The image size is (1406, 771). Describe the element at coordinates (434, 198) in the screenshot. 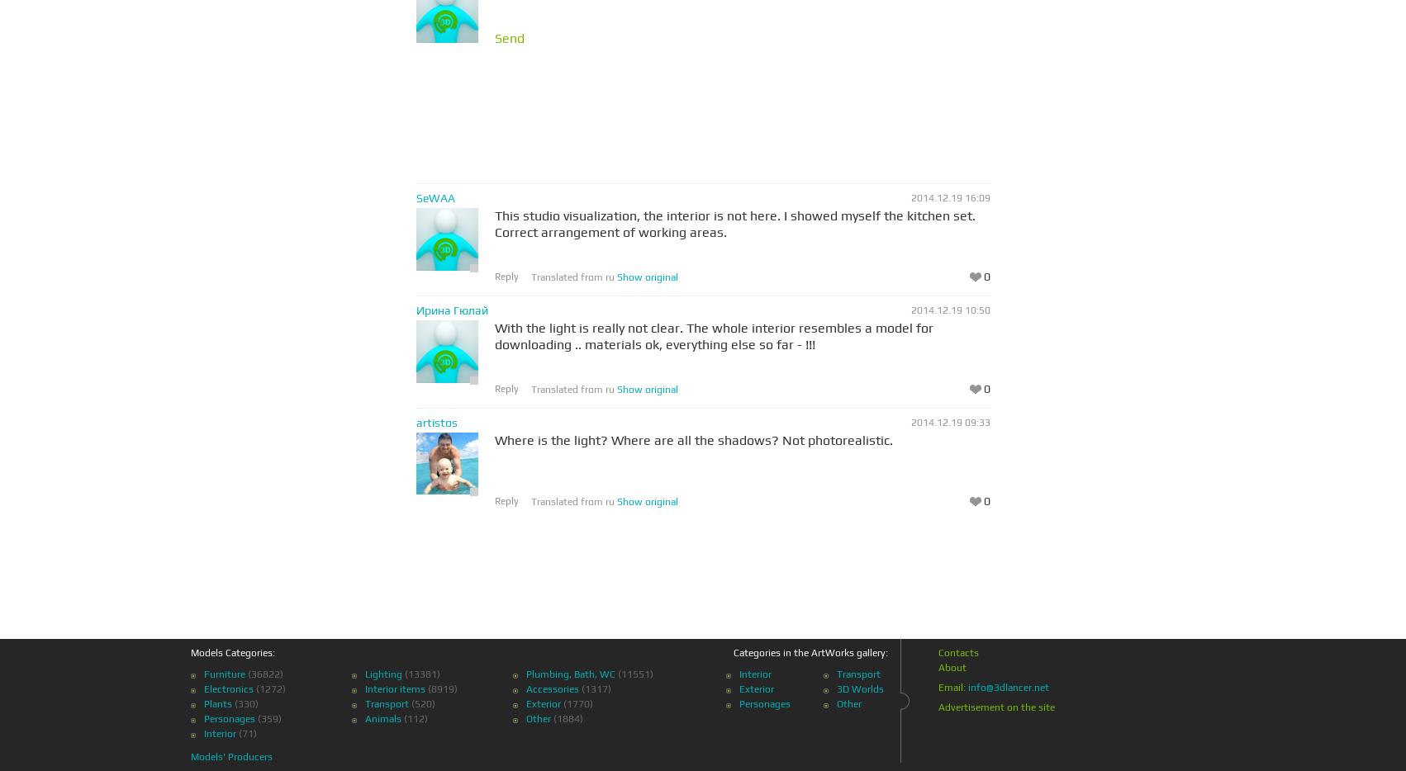

I see `'SeWAA'` at that location.